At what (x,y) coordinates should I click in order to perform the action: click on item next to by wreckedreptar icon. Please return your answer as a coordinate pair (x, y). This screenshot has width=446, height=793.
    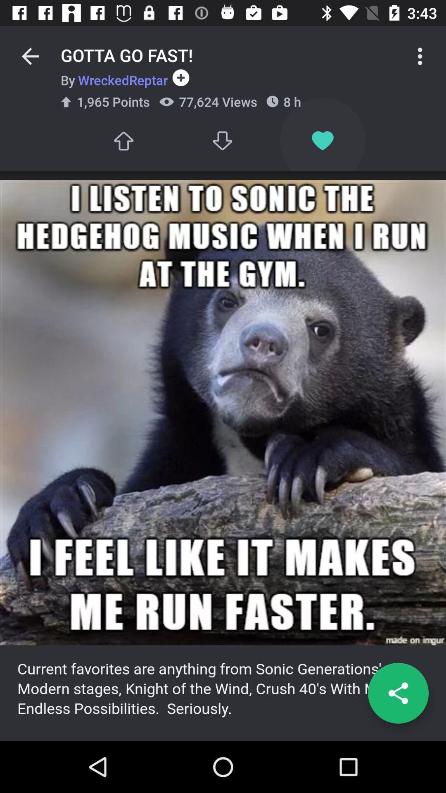
    Looking at the image, I should click on (178, 78).